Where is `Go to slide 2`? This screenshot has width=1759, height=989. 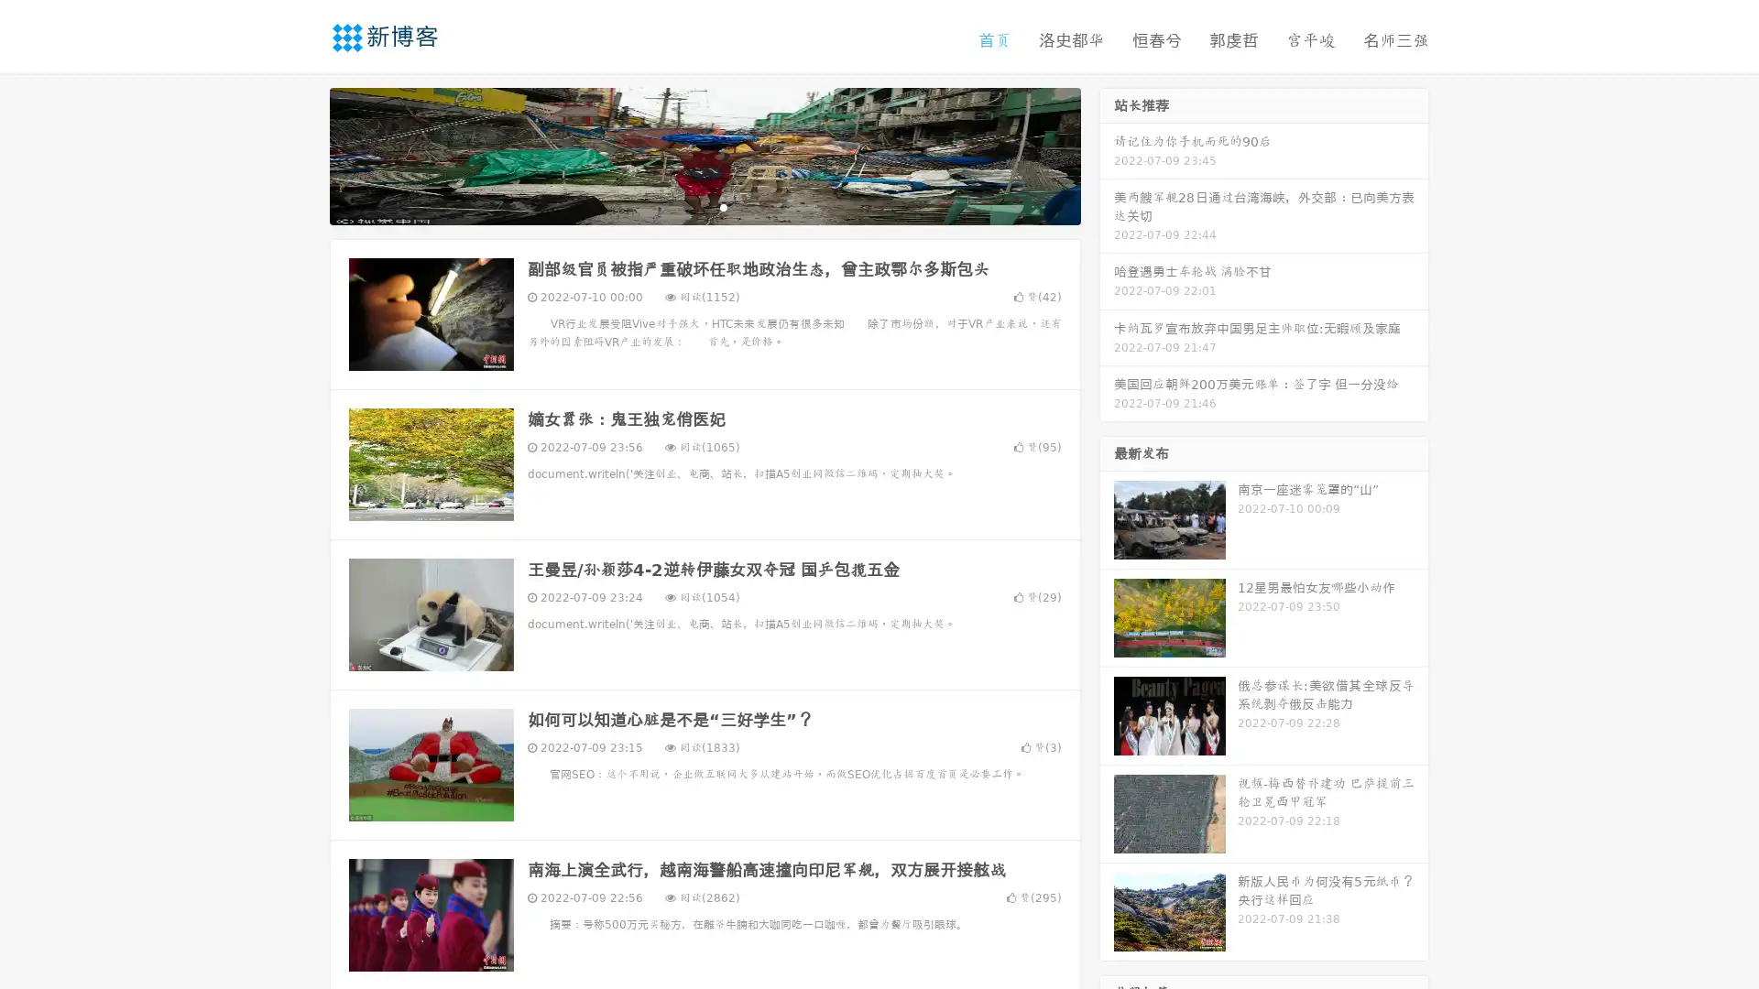 Go to slide 2 is located at coordinates (704, 206).